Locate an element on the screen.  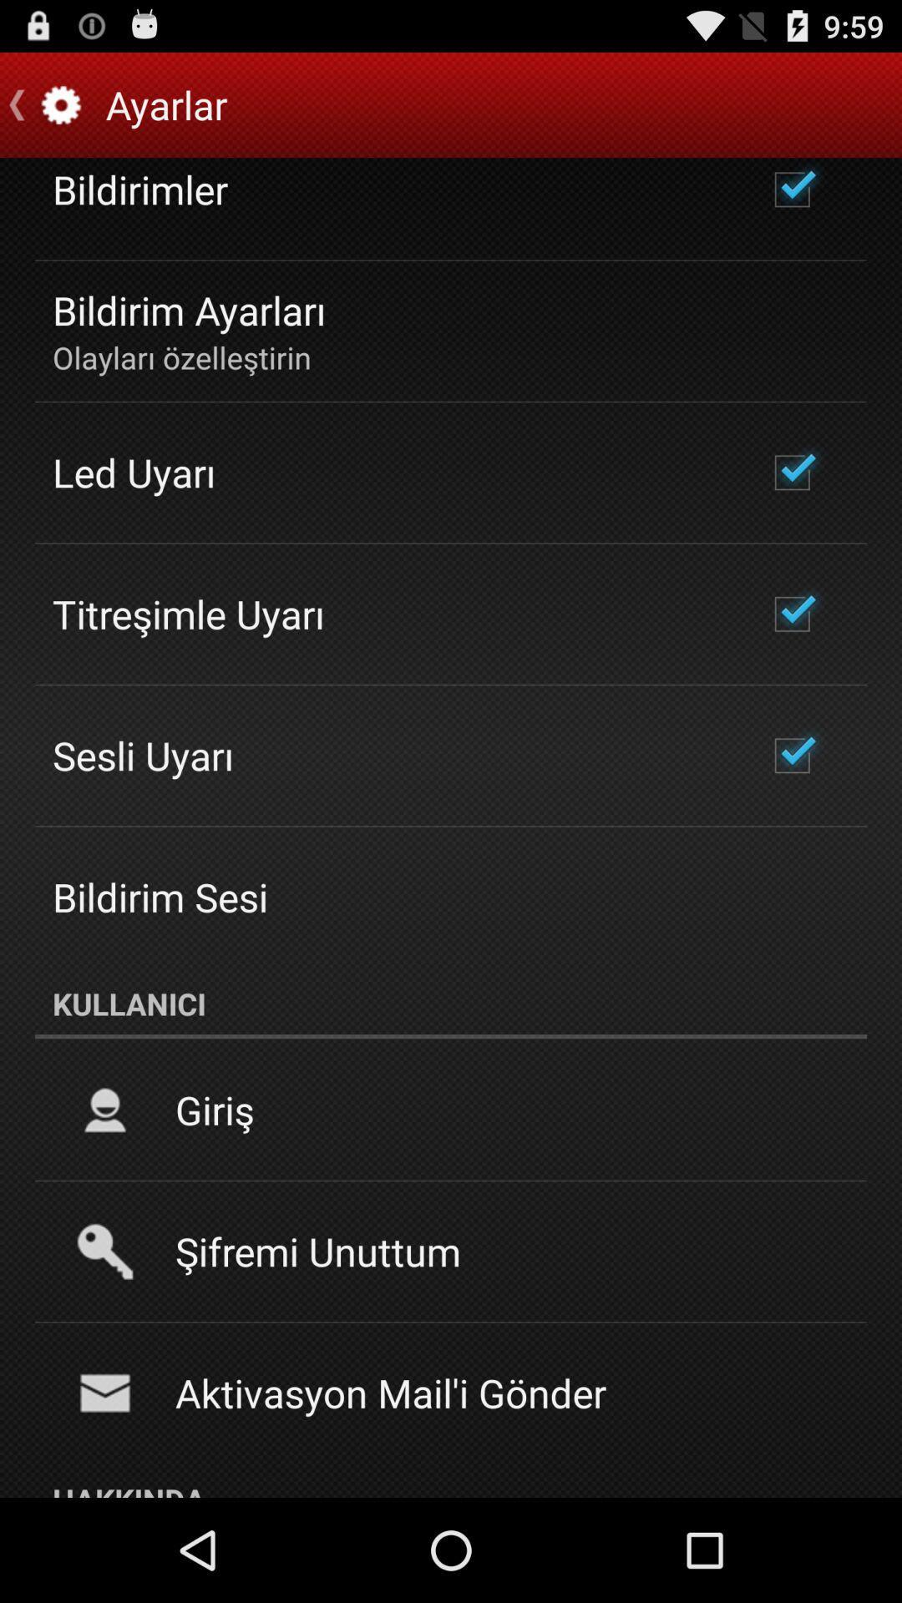
the aktivasyon mail i icon is located at coordinates (390, 1393).